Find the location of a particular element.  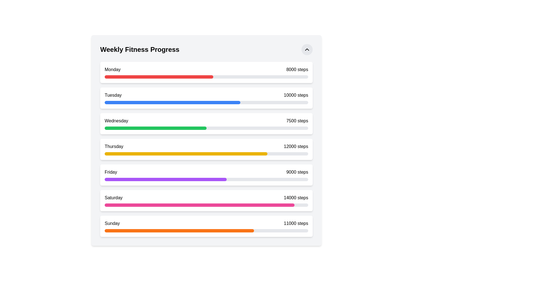

the non-interactive progress bar that visually indicates the completion percentage of the task associated with 'Monday' is located at coordinates (159, 77).